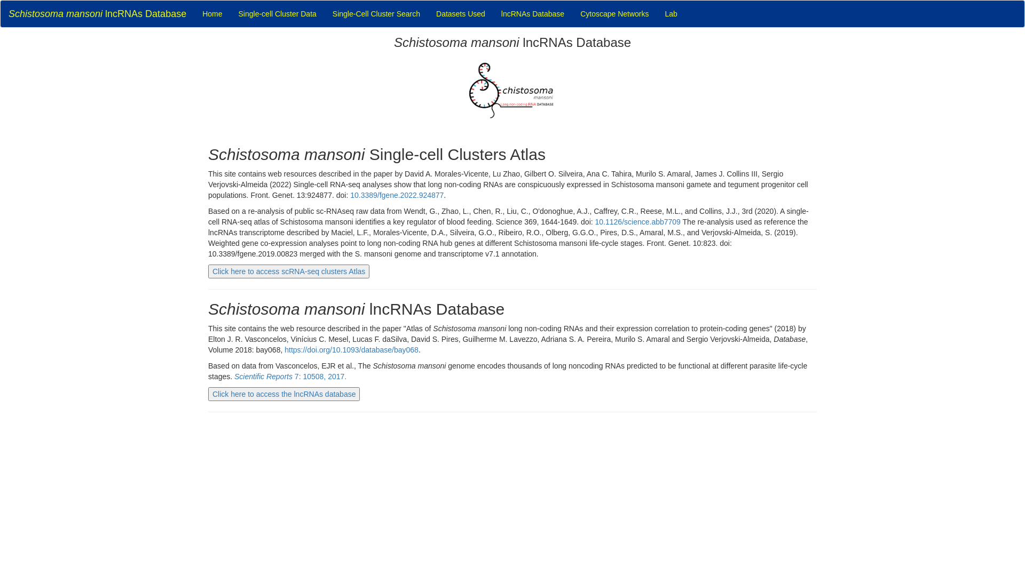  Describe the element at coordinates (376, 14) in the screenshot. I see `'Single-Cell Cluster Search'` at that location.